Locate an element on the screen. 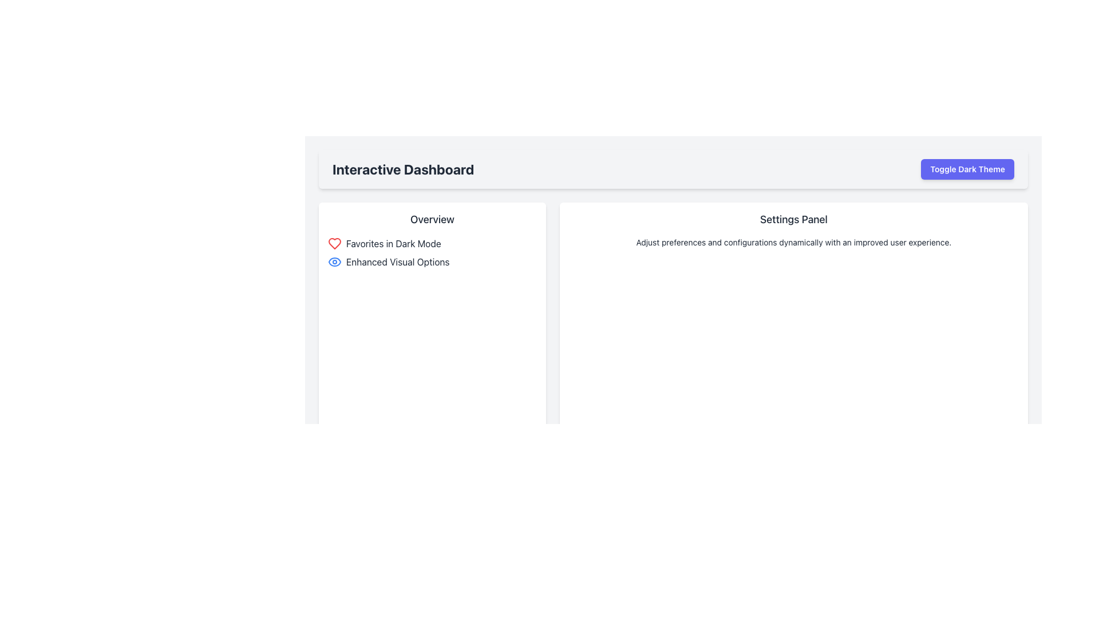 This screenshot has width=1099, height=618. the grouped textual and graphical element labeled 'Favorites in Dark Mode' and 'Enhanced Visual Options' located in the 'Overview' section of the left panel is located at coordinates (432, 252).